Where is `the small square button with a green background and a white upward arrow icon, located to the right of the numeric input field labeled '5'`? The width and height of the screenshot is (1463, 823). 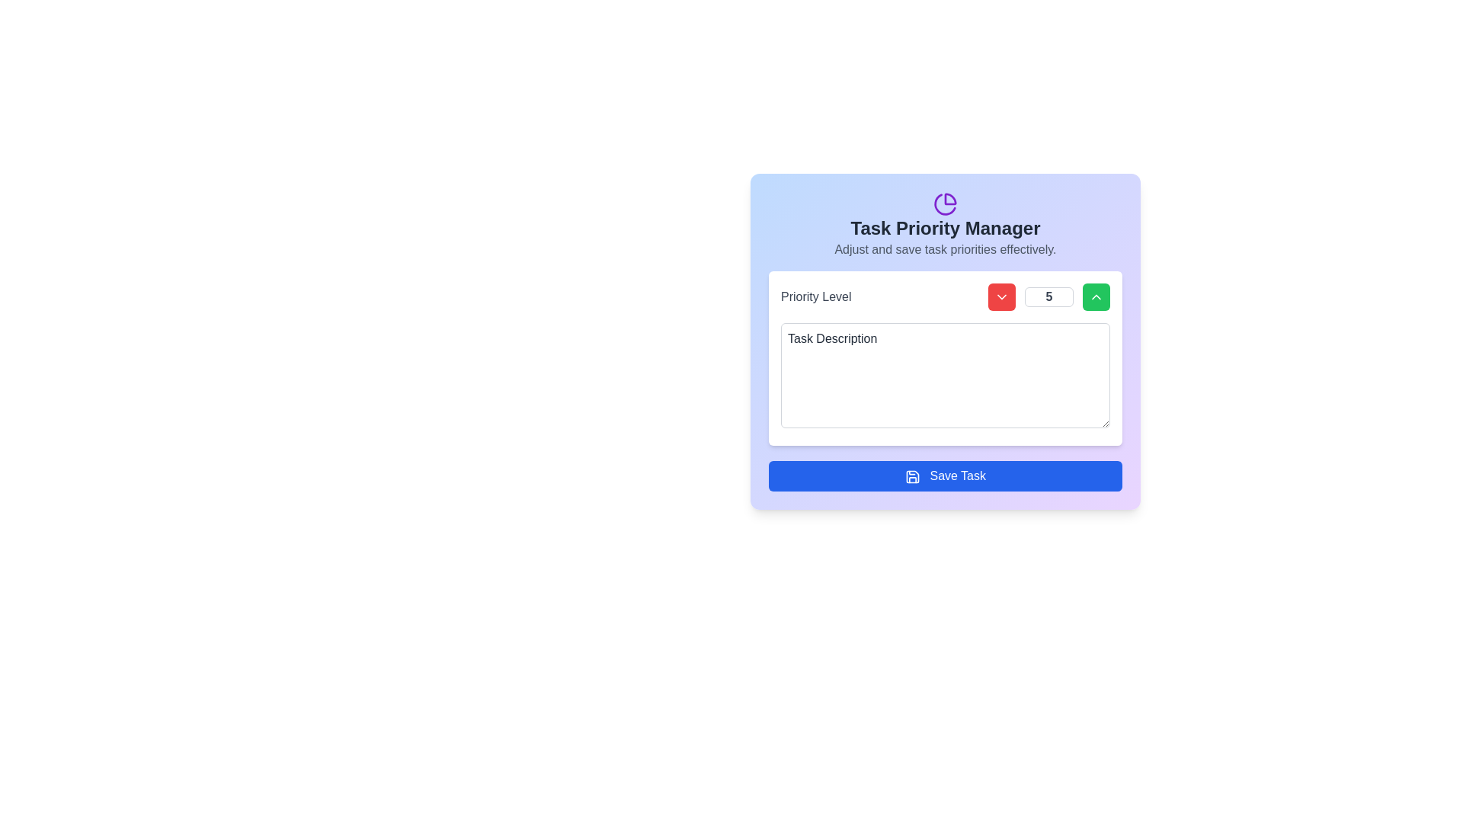 the small square button with a green background and a white upward arrow icon, located to the right of the numeric input field labeled '5' is located at coordinates (1096, 296).